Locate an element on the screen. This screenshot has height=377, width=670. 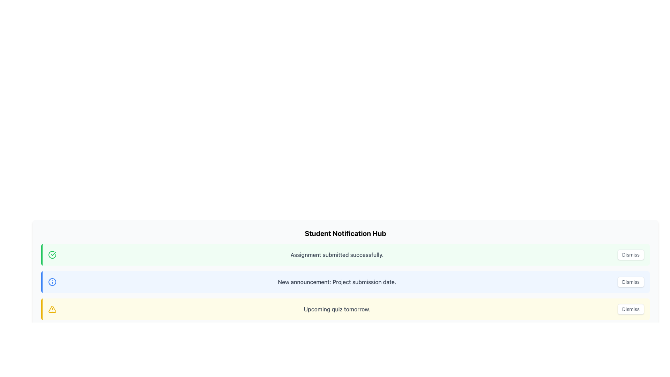
the warning alert icon located in the yellow-highlighted notification section, which is the first component to the left of the text 'Upcoming quiz tomorrow.' is located at coordinates (52, 309).